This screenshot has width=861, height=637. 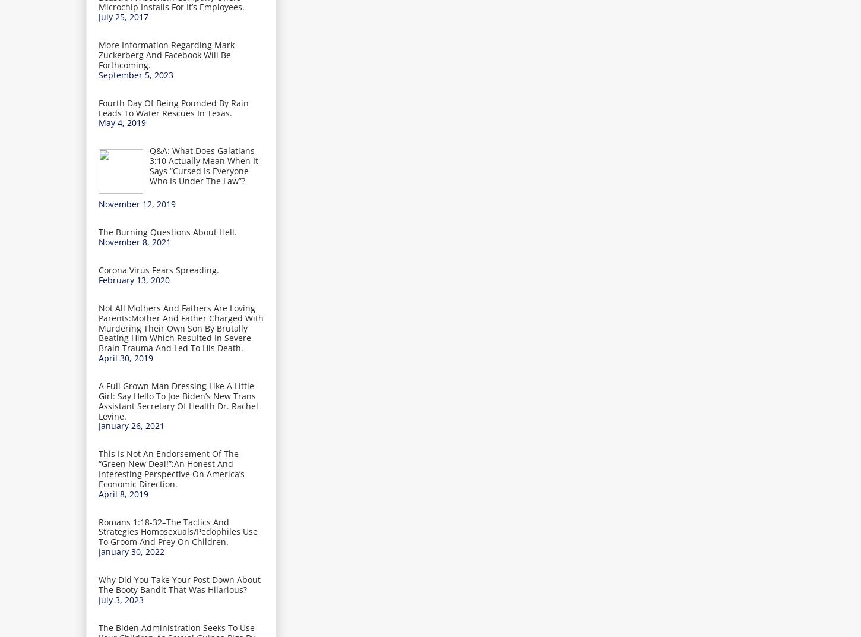 What do you see at coordinates (181, 327) in the screenshot?
I see `'Not All Mothers And Fathers Are Loving Parents:Mother And Father Charged With Murdering Their Own Son  By Brutally Beating Him Which Resulted In Severe Brain Trauma And Led To His Death.'` at bounding box center [181, 327].